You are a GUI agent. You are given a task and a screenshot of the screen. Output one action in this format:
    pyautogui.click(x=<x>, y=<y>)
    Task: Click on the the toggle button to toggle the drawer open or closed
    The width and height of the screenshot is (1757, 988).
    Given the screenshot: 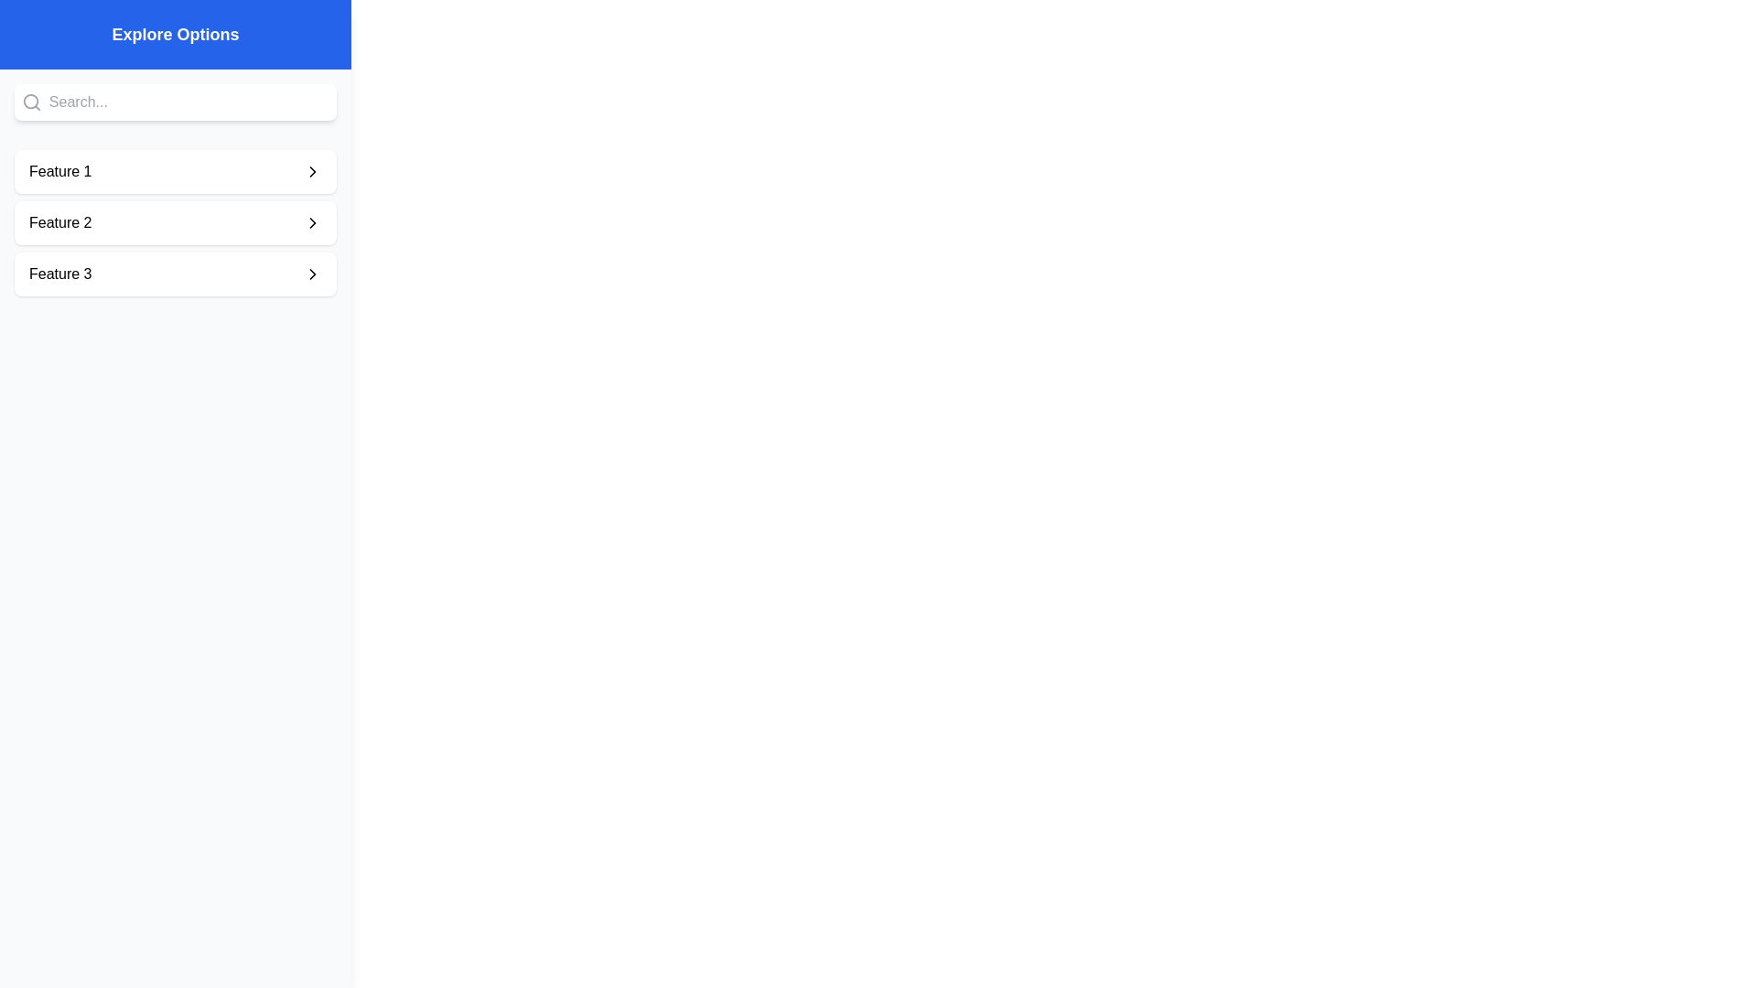 What is the action you would take?
    pyautogui.click(x=50, y=50)
    